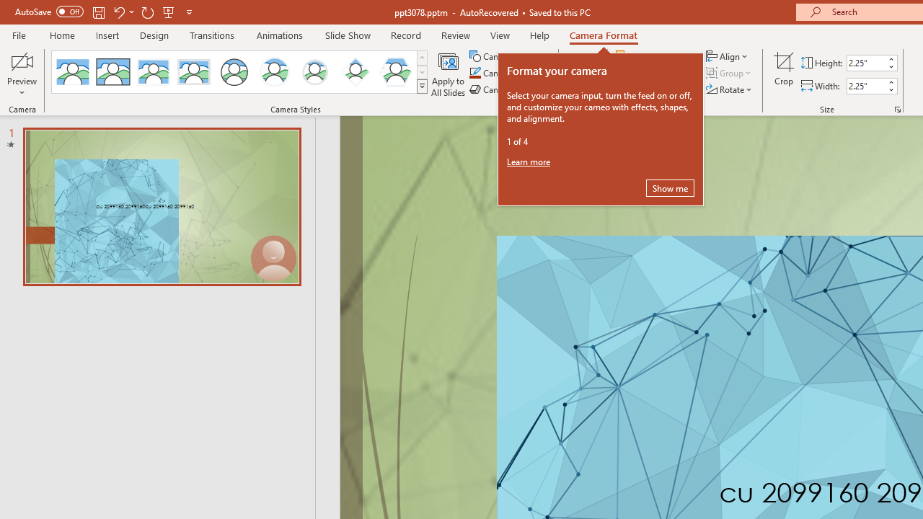 The image size is (923, 519). Describe the element at coordinates (154, 72) in the screenshot. I see `'Center Shadow Rectangle'` at that location.